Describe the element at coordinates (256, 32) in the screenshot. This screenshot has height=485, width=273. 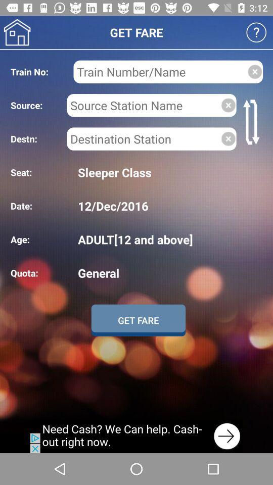
I see `help icon` at that location.